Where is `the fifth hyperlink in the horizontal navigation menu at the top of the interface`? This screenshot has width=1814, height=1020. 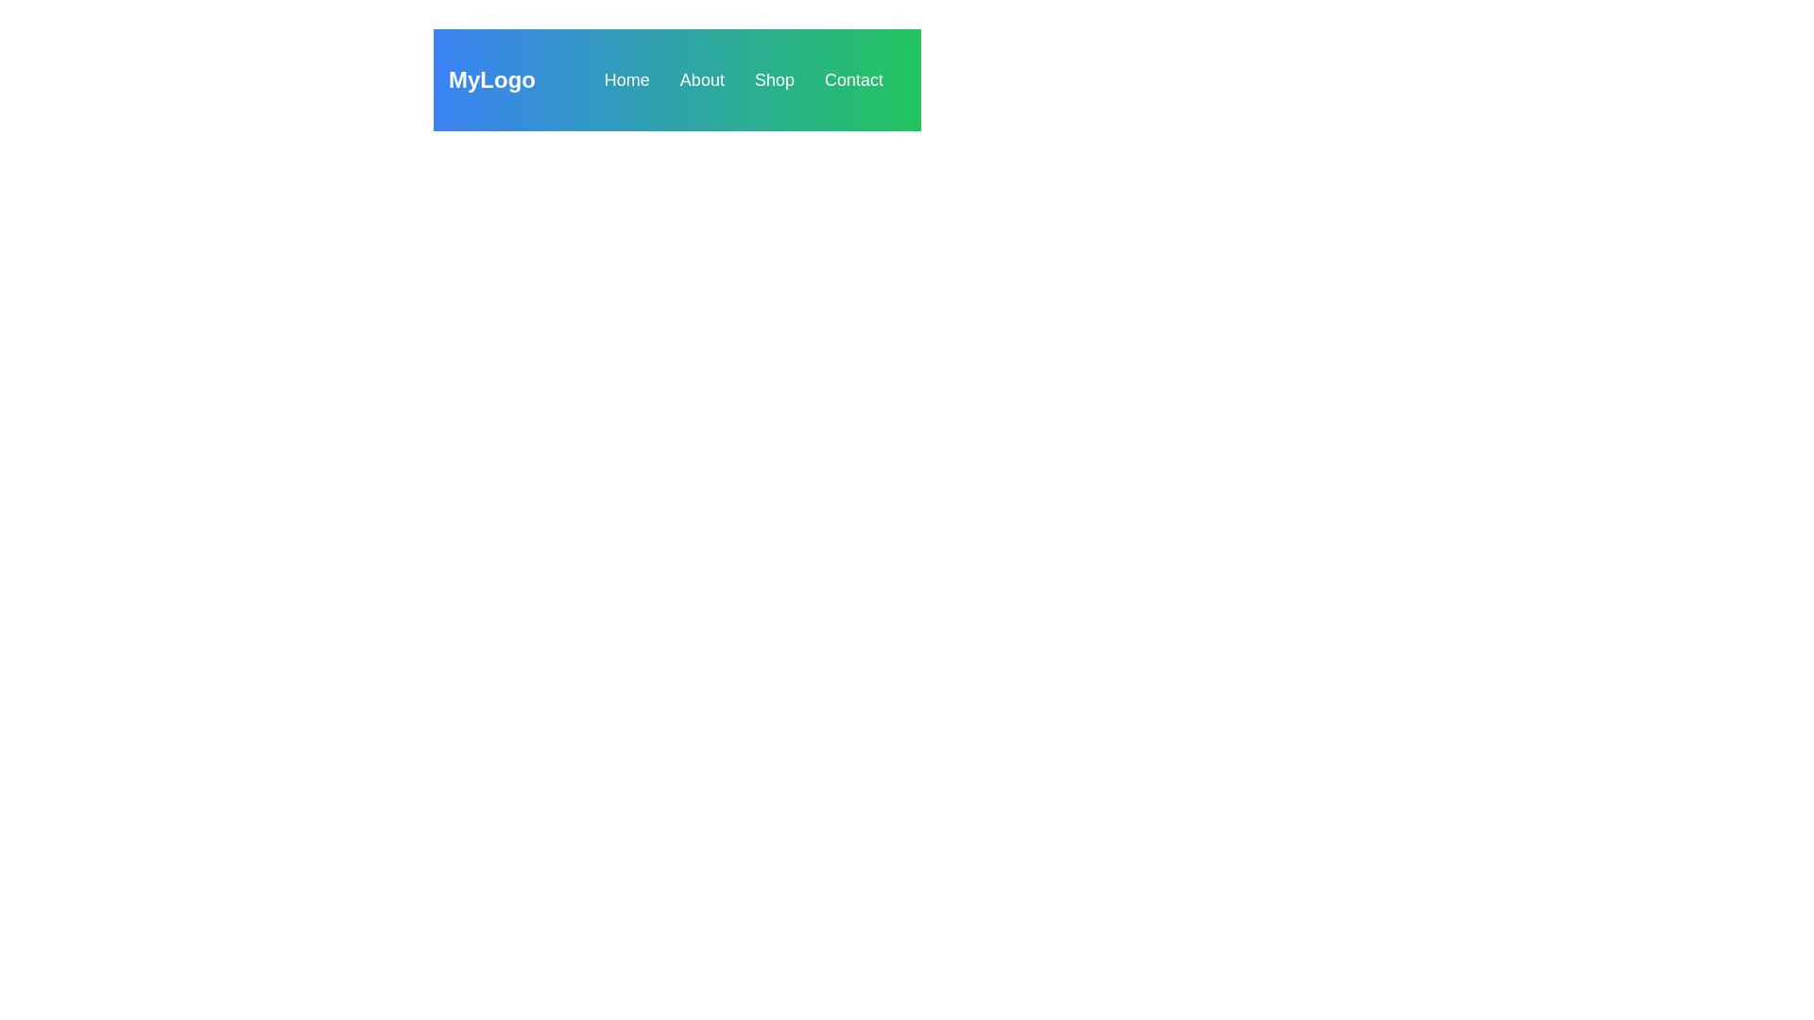 the fifth hyperlink in the horizontal navigation menu at the top of the interface is located at coordinates (852, 78).